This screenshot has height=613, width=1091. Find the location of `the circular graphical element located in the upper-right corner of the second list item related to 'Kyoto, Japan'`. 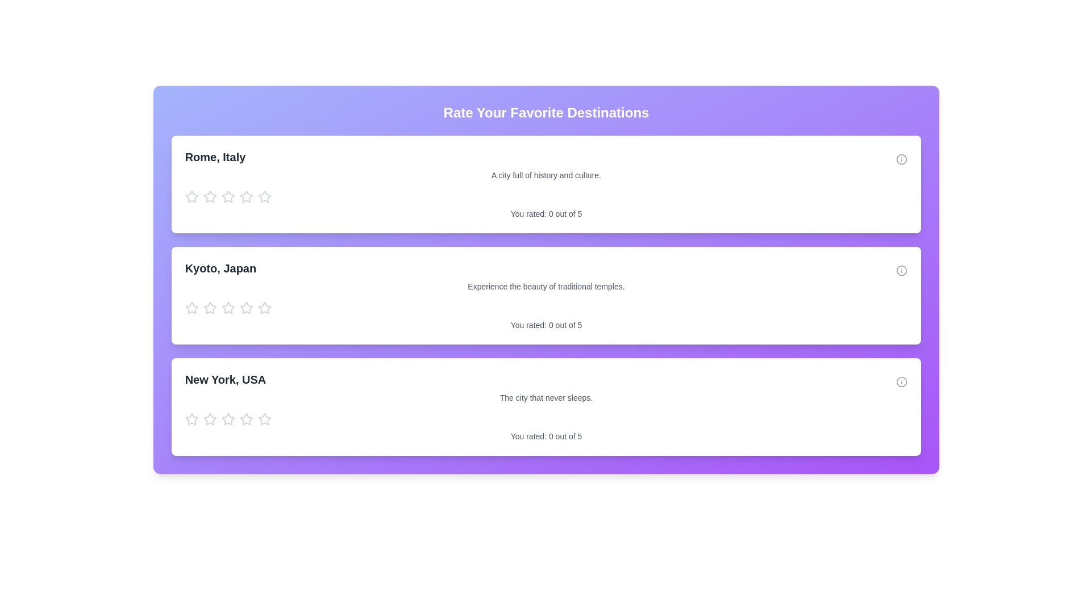

the circular graphical element located in the upper-right corner of the second list item related to 'Kyoto, Japan' is located at coordinates (901, 271).